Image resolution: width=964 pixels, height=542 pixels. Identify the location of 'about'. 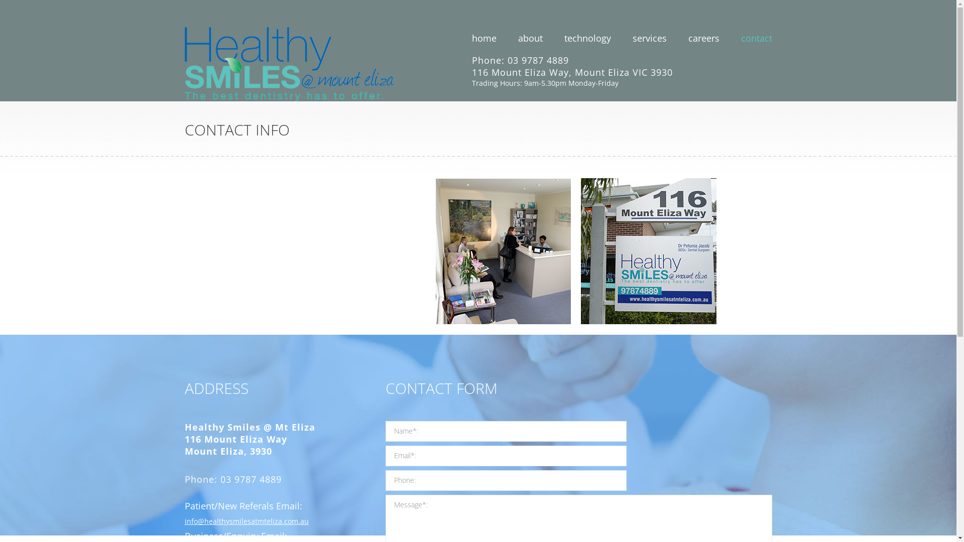
(530, 38).